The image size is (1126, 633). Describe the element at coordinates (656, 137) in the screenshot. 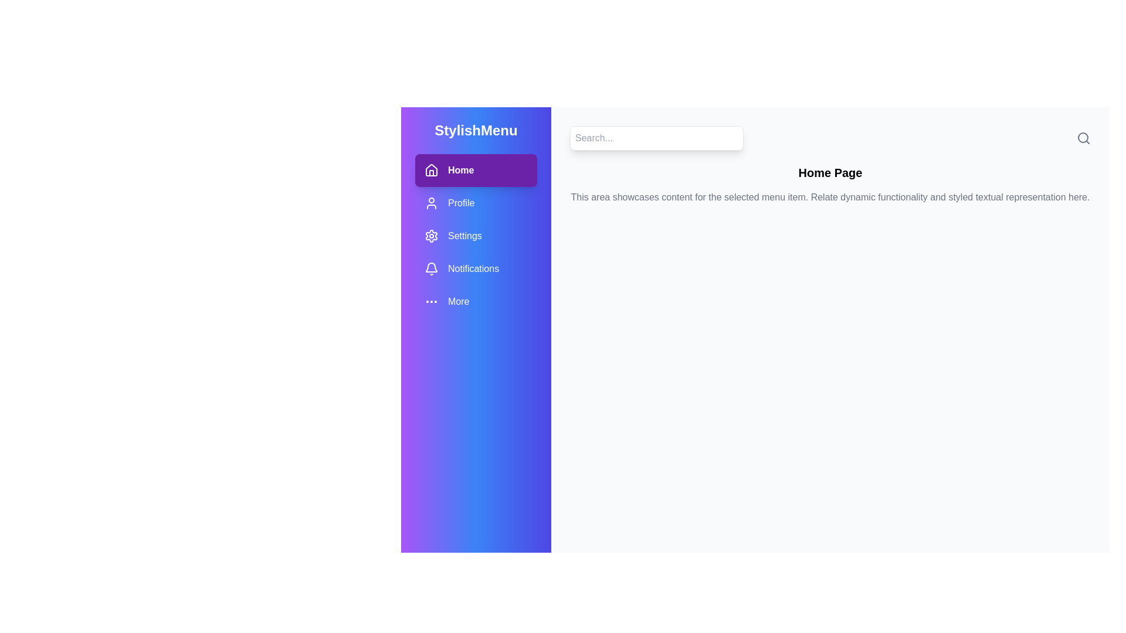

I see `the search input field to focus on it` at that location.